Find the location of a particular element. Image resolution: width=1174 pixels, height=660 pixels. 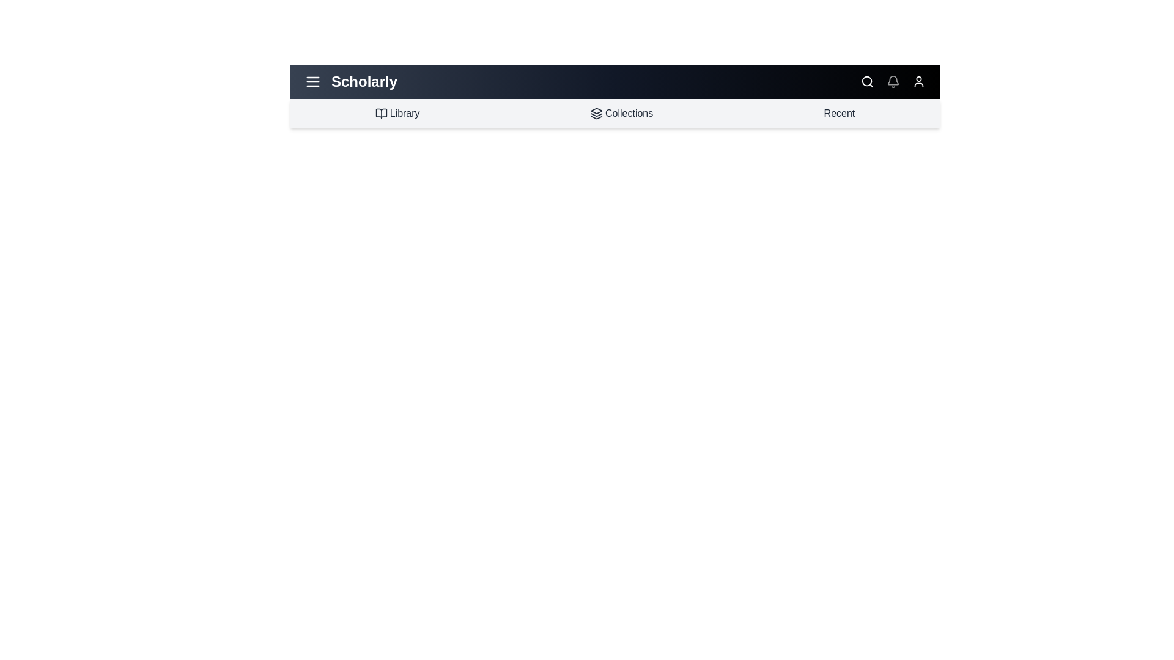

the search icon to initiate a search action is located at coordinates (867, 82).